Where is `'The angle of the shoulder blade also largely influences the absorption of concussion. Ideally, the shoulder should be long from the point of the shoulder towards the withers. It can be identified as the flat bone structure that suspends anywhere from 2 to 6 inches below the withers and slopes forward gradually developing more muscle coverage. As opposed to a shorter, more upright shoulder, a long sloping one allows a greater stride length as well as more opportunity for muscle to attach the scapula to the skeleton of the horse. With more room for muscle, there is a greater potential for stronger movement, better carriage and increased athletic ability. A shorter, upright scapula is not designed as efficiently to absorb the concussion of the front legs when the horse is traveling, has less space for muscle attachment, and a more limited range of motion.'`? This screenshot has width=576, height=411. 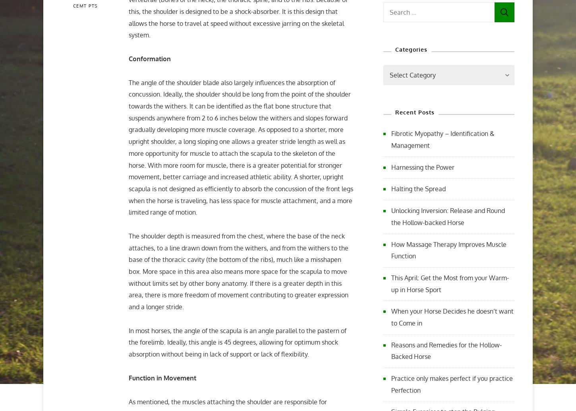
'The angle of the shoulder blade also largely influences the absorption of concussion. Ideally, the shoulder should be long from the point of the shoulder towards the withers. It can be identified as the flat bone structure that suspends anywhere from 2 to 6 inches below the withers and slopes forward gradually developing more muscle coverage. As opposed to a shorter, more upright shoulder, a long sloping one allows a greater stride length as well as more opportunity for muscle to attach the scapula to the skeleton of the horse. With more room for muscle, there is a greater potential for stronger movement, better carriage and increased athletic ability. A shorter, upright scapula is not designed as efficiently to absorb the concussion of the front legs when the horse is traveling, has less space for muscle attachment, and a more limited range of motion.' is located at coordinates (240, 147).